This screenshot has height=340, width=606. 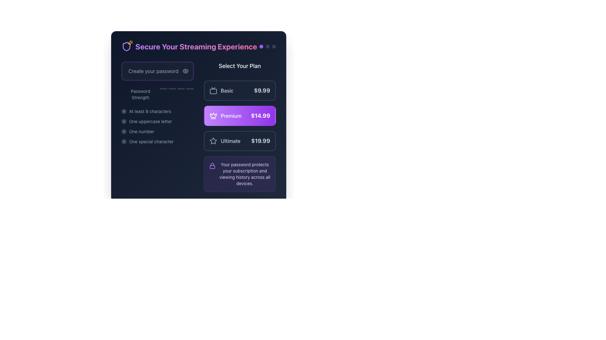 I want to click on the decorative emphasis icon located to the upper-right of the purple shield icon in the security-themed header, so click(x=130, y=42).